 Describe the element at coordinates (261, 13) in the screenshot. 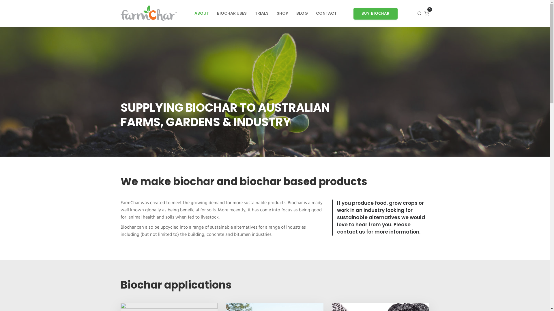

I see `'TRIALS'` at that location.